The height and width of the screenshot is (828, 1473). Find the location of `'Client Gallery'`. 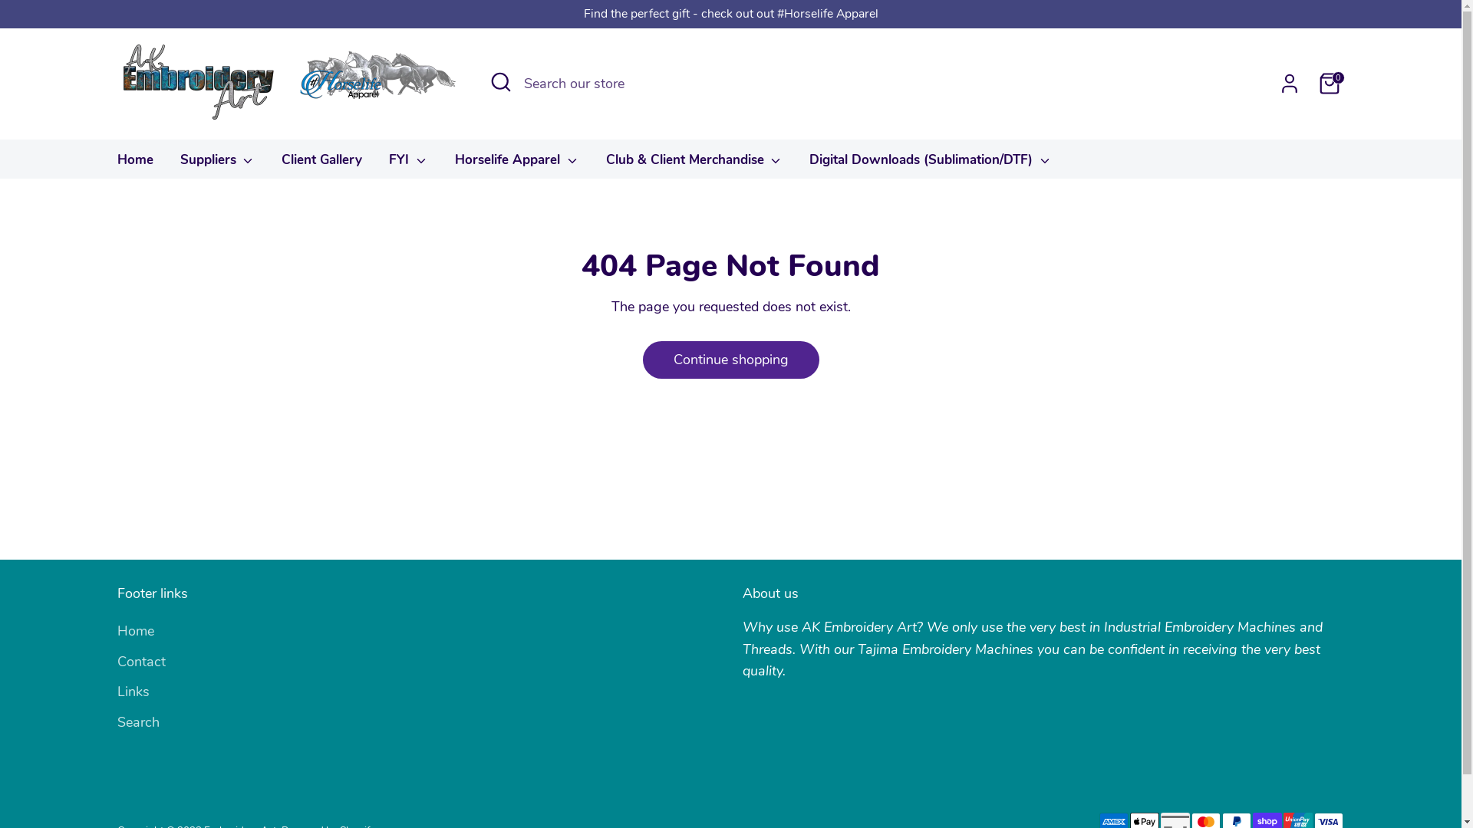

'Client Gallery' is located at coordinates (321, 165).